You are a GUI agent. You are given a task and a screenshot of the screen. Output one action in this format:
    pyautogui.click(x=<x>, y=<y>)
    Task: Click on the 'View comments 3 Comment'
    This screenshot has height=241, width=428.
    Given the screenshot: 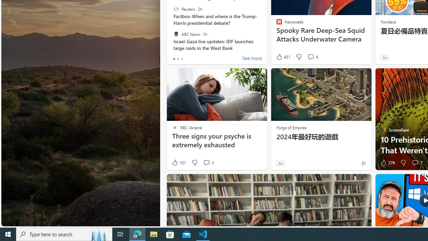 What is the action you would take?
    pyautogui.click(x=206, y=163)
    